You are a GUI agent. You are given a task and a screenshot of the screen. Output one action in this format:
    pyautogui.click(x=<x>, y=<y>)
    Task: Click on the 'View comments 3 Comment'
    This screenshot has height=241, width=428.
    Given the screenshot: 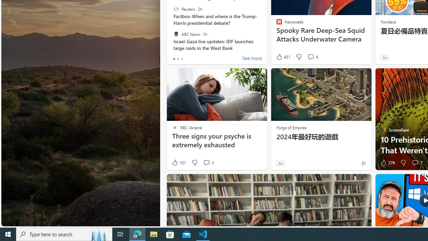 What is the action you would take?
    pyautogui.click(x=206, y=163)
    